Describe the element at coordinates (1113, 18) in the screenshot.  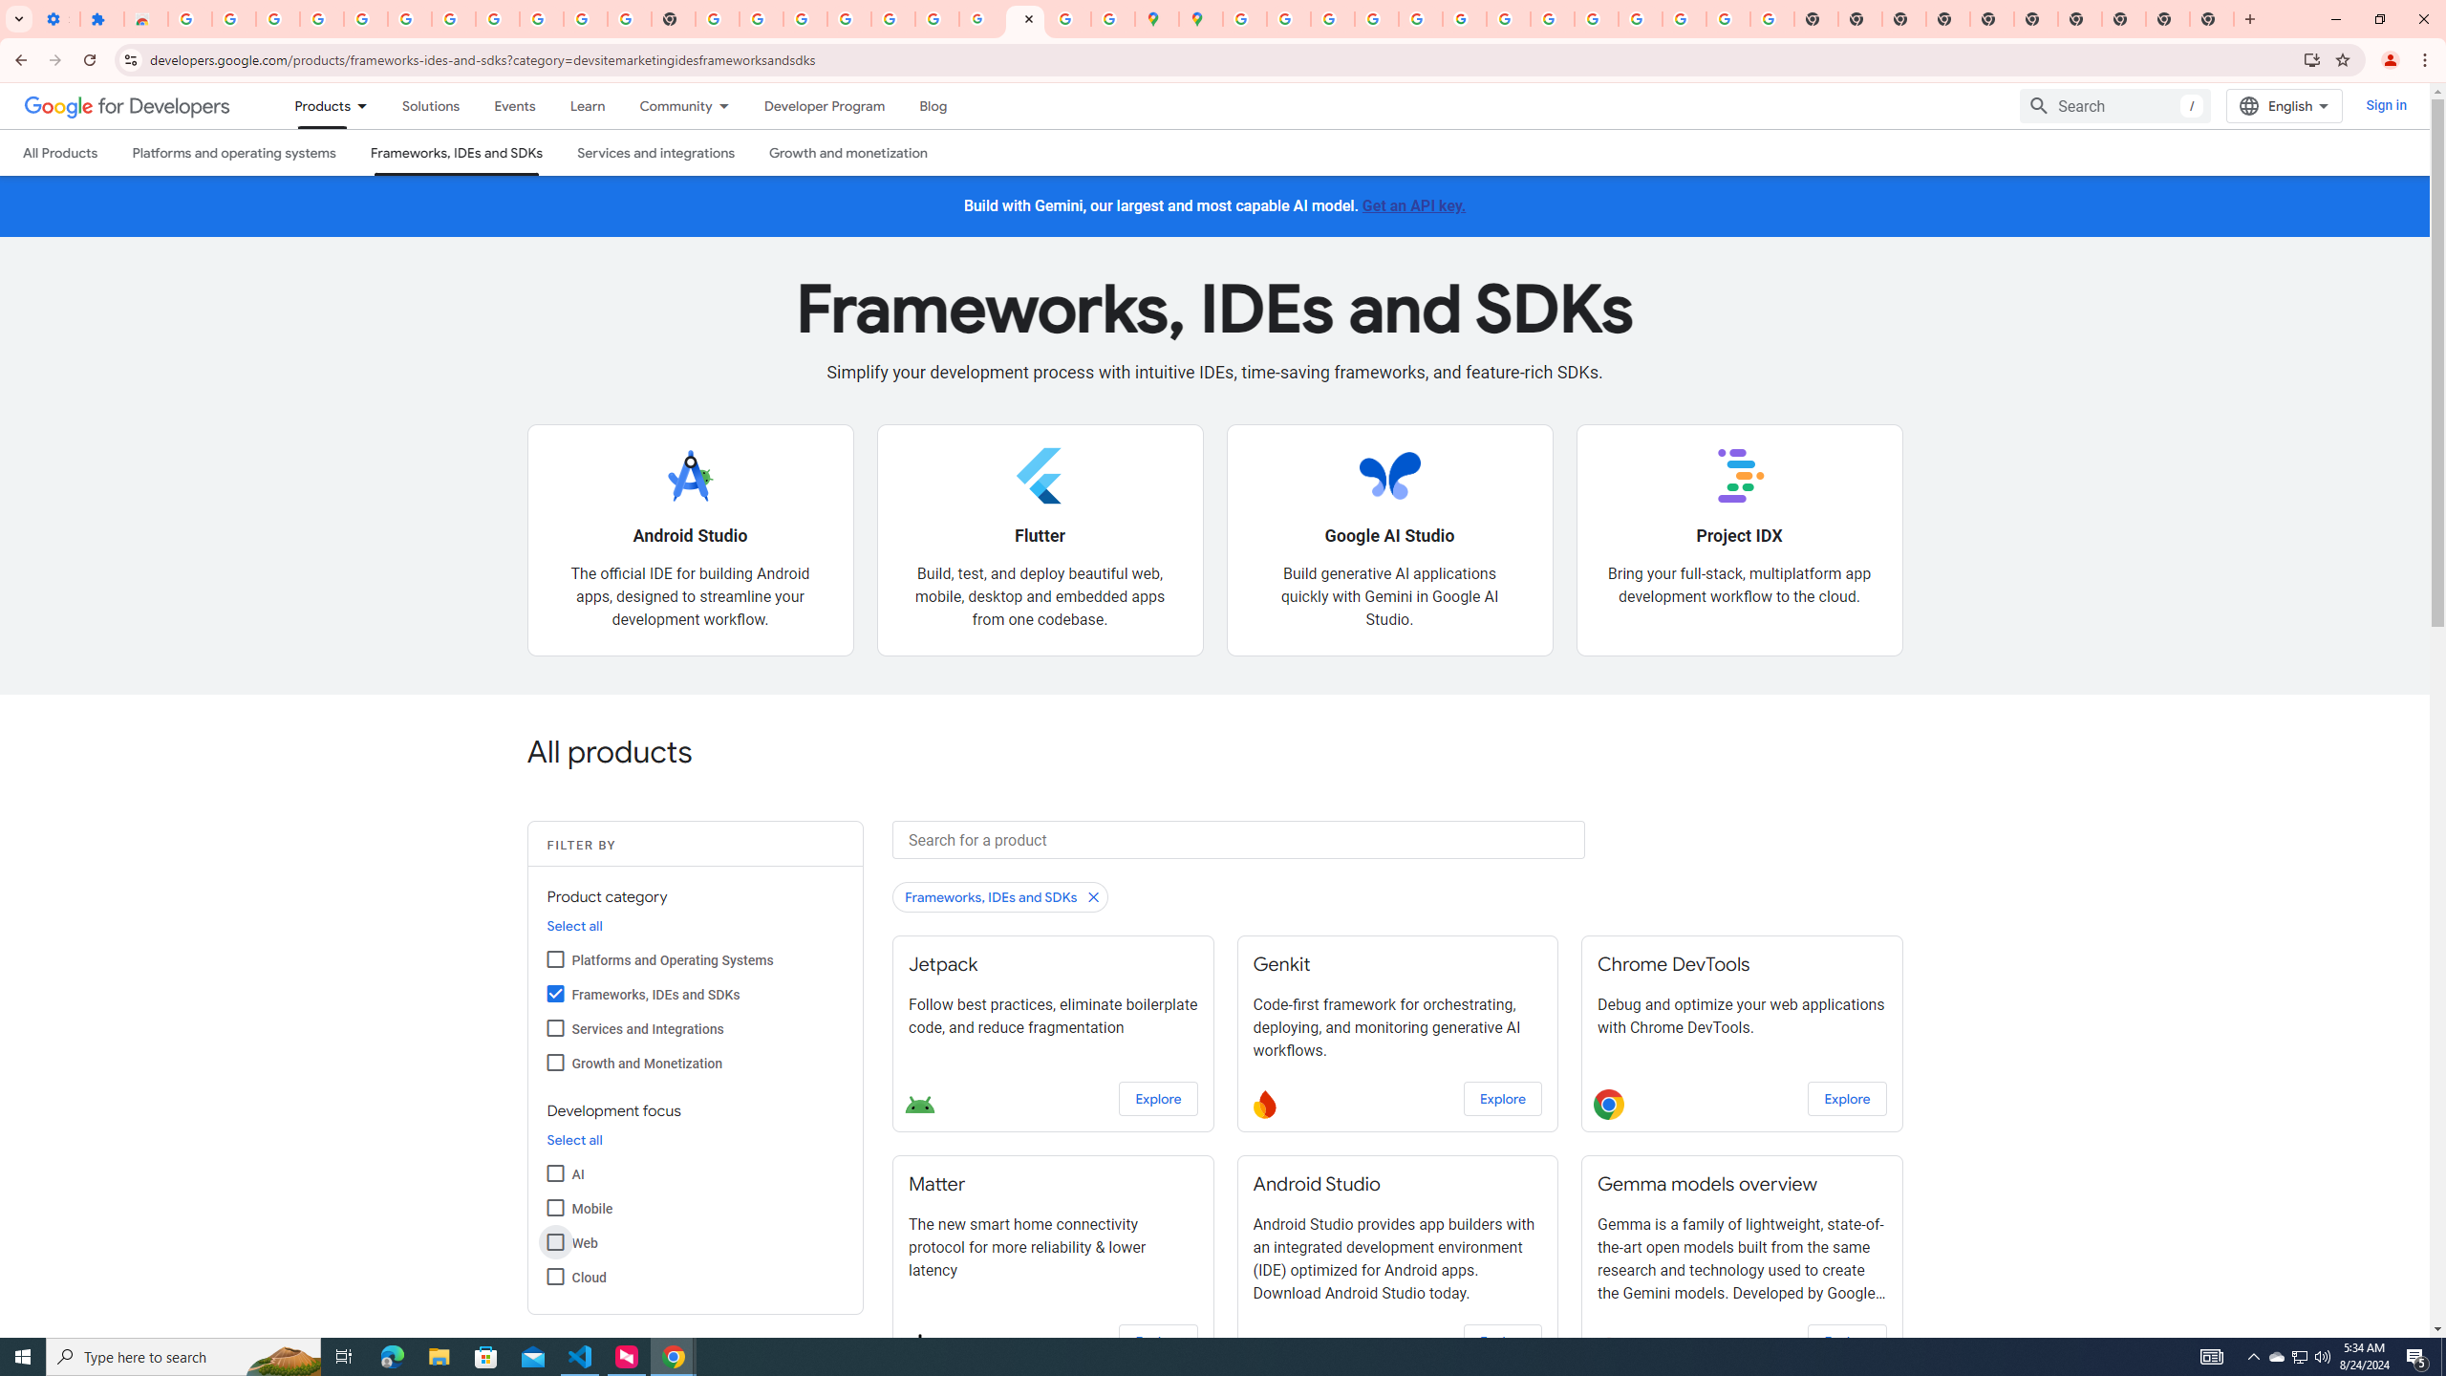
I see `'Safety in Our Products - Google Safety Center'` at that location.